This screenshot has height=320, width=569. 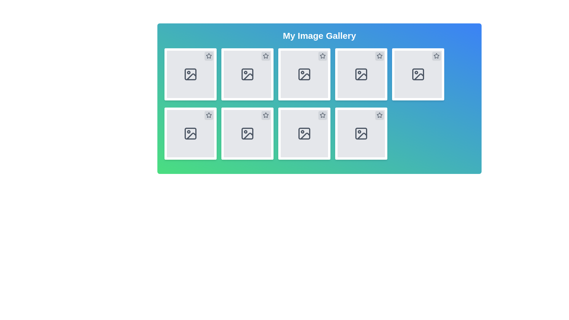 What do you see at coordinates (361, 74) in the screenshot?
I see `the fourth card in the image gallery located below the 'My Image Gallery' text` at bounding box center [361, 74].